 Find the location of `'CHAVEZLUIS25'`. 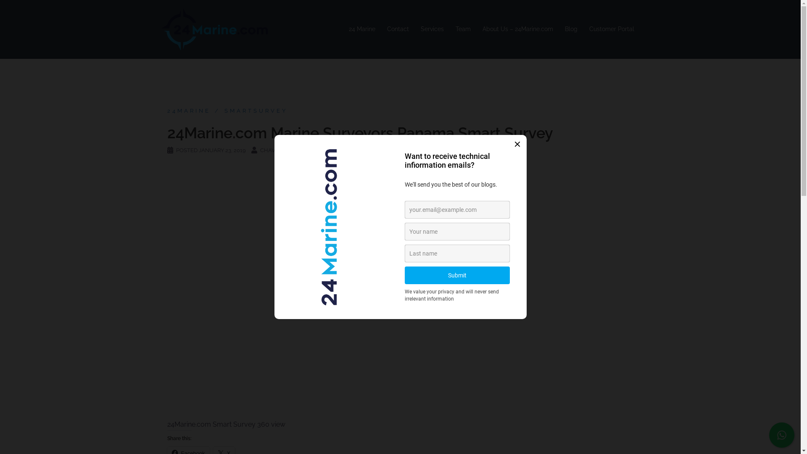

'CHAVEZLUIS25' is located at coordinates (280, 150).